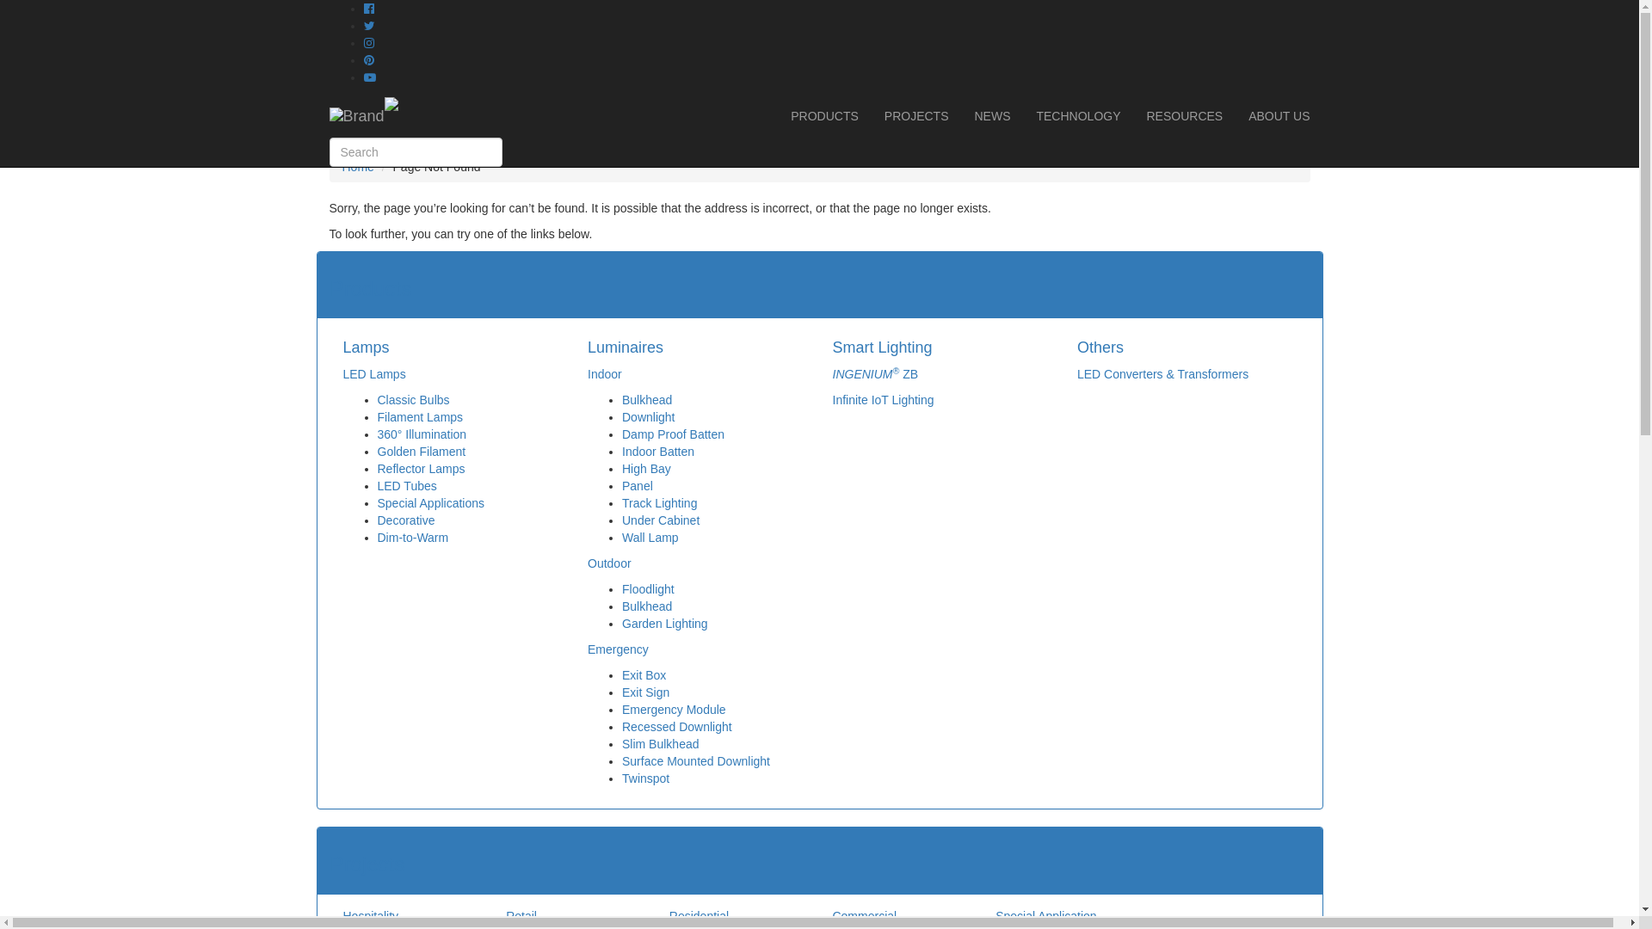 This screenshot has width=1652, height=929. What do you see at coordinates (1279, 116) in the screenshot?
I see `'ABOUT US'` at bounding box center [1279, 116].